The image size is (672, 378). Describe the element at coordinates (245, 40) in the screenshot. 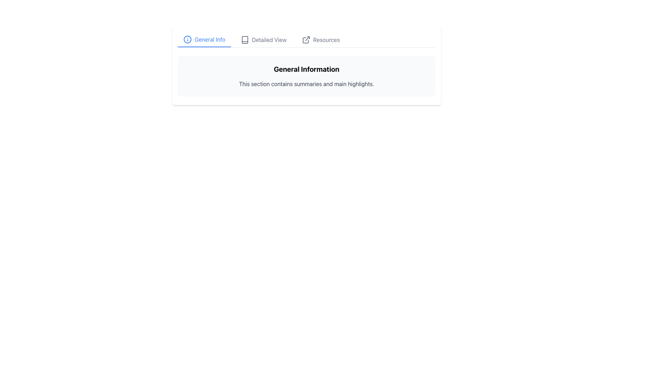

I see `the 'Detailed View' icon button, located between the information icon and the resources link in the tab navigation bar` at that location.